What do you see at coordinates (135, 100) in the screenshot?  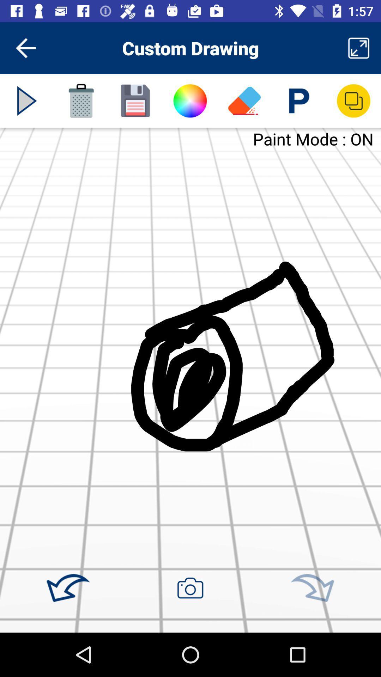 I see `the save icon` at bounding box center [135, 100].